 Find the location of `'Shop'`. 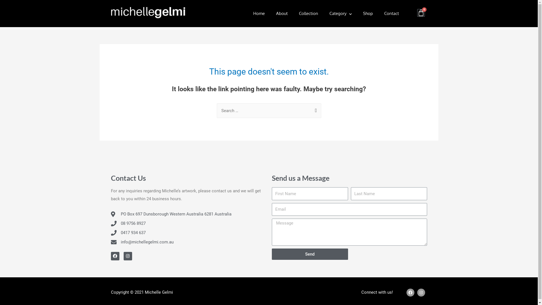

'Shop' is located at coordinates (368, 13).